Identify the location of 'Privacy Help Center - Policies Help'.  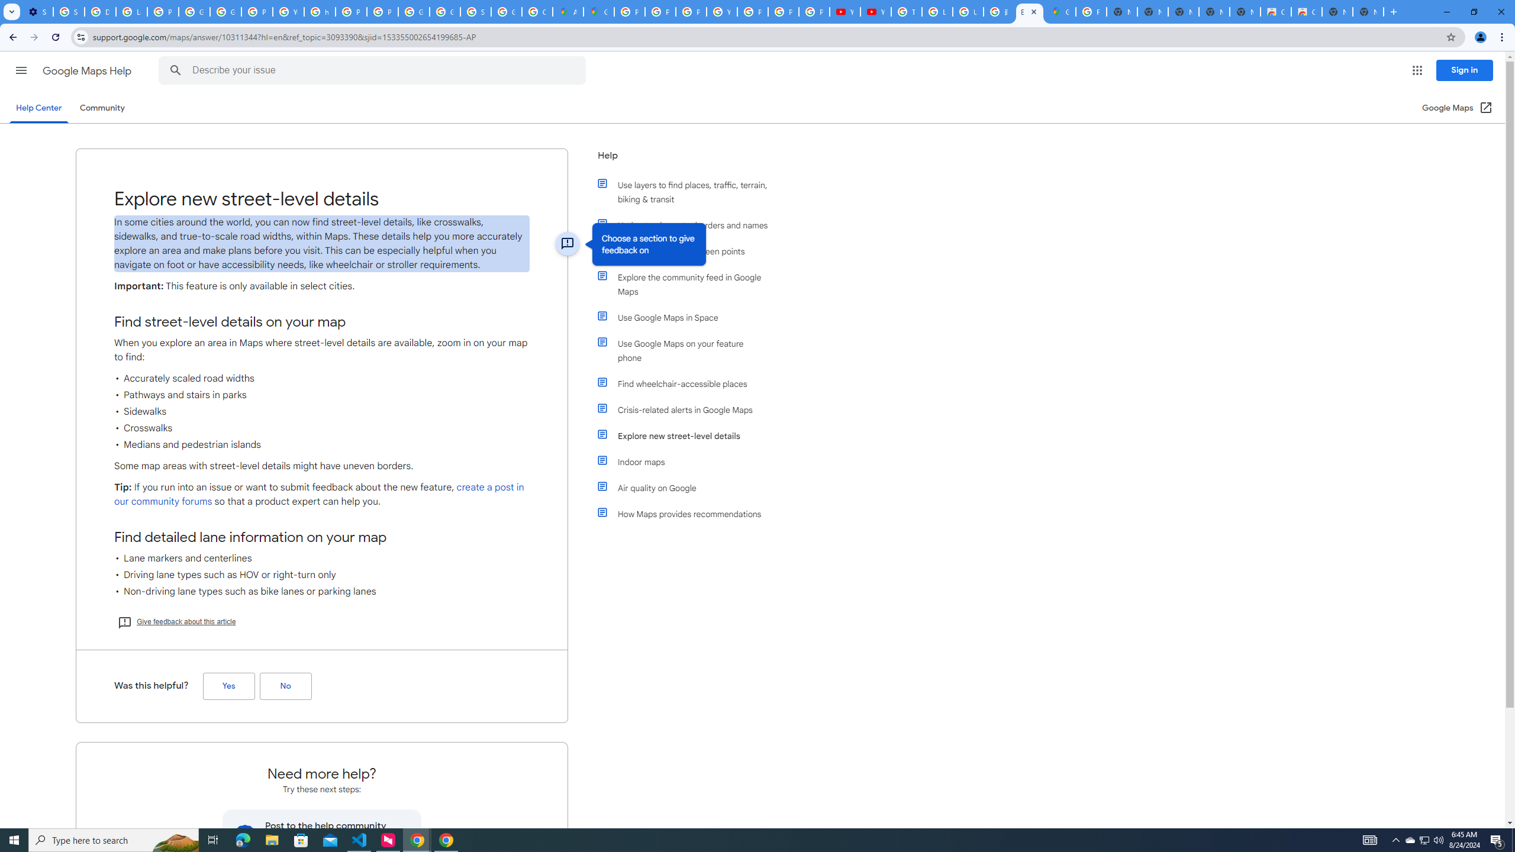
(691, 11).